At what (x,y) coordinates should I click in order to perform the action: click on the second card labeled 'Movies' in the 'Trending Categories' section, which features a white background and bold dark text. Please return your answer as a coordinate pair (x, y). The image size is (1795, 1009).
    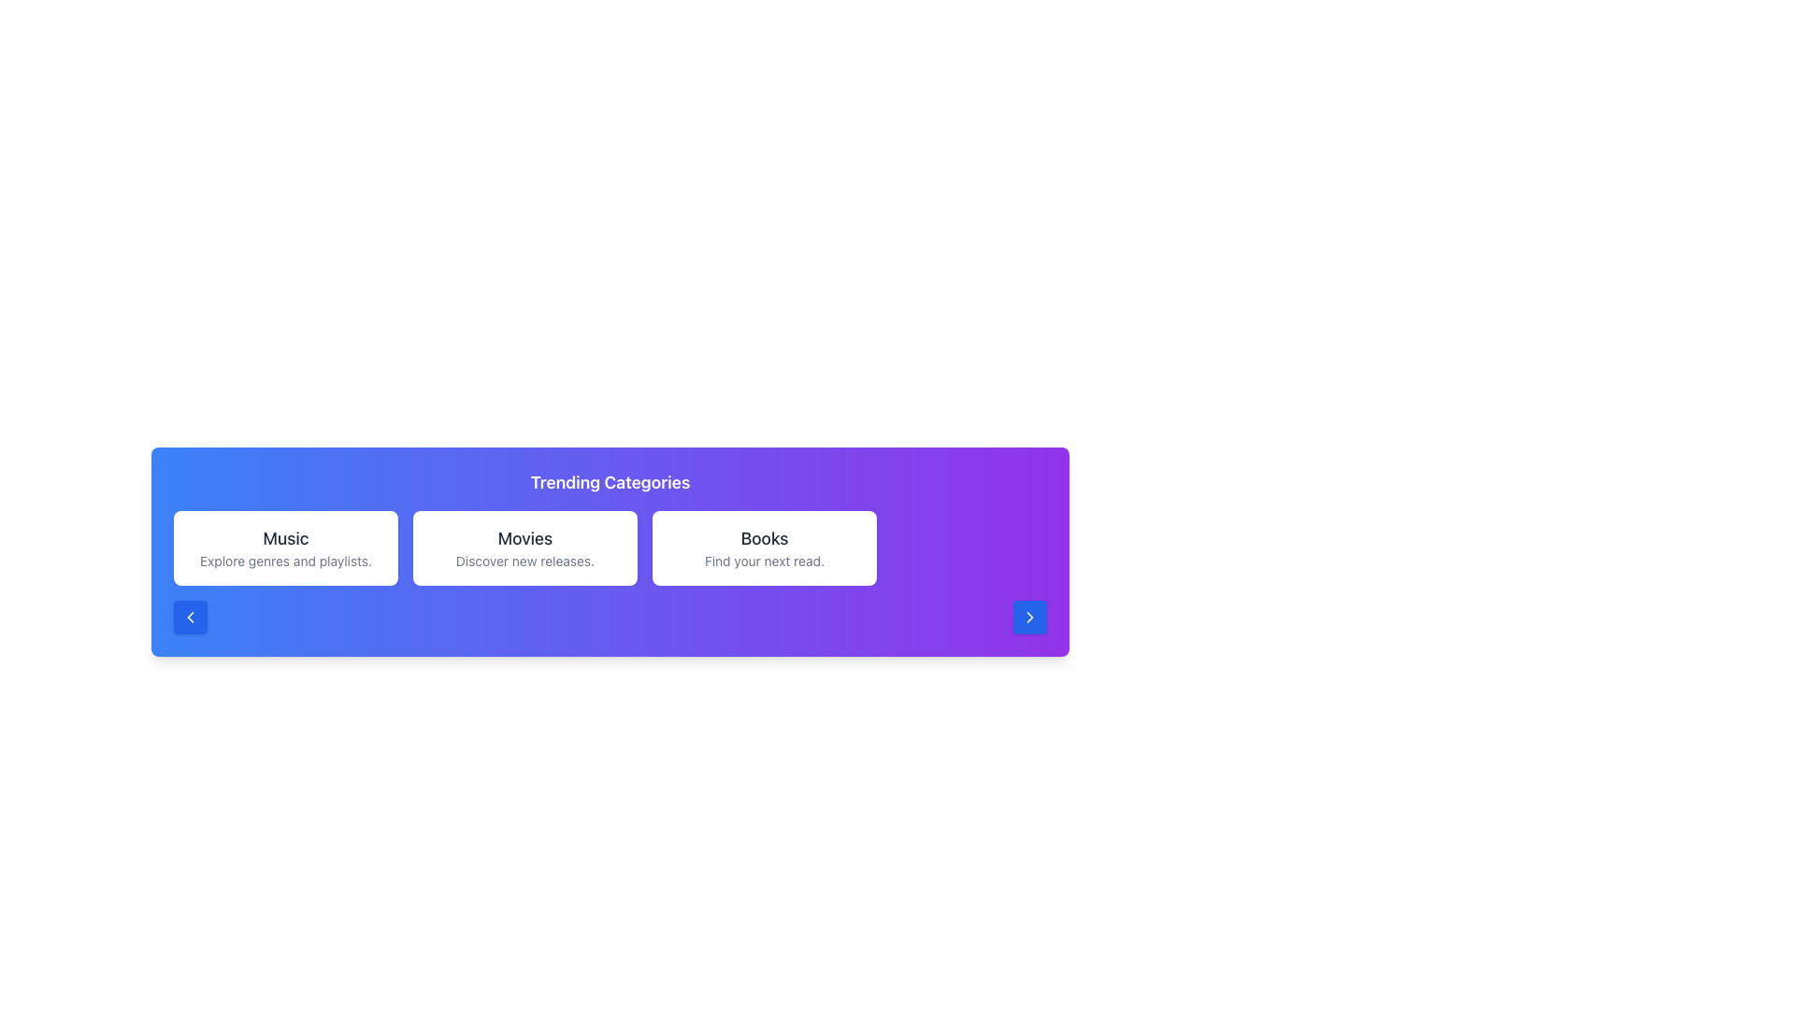
    Looking at the image, I should click on (524, 547).